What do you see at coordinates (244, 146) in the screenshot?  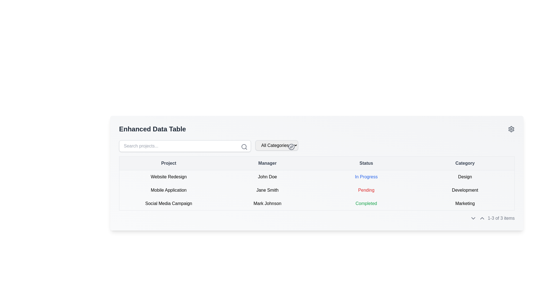 I see `the search icon located at the right end of the search input field, adjacent to the dropdown menu` at bounding box center [244, 146].